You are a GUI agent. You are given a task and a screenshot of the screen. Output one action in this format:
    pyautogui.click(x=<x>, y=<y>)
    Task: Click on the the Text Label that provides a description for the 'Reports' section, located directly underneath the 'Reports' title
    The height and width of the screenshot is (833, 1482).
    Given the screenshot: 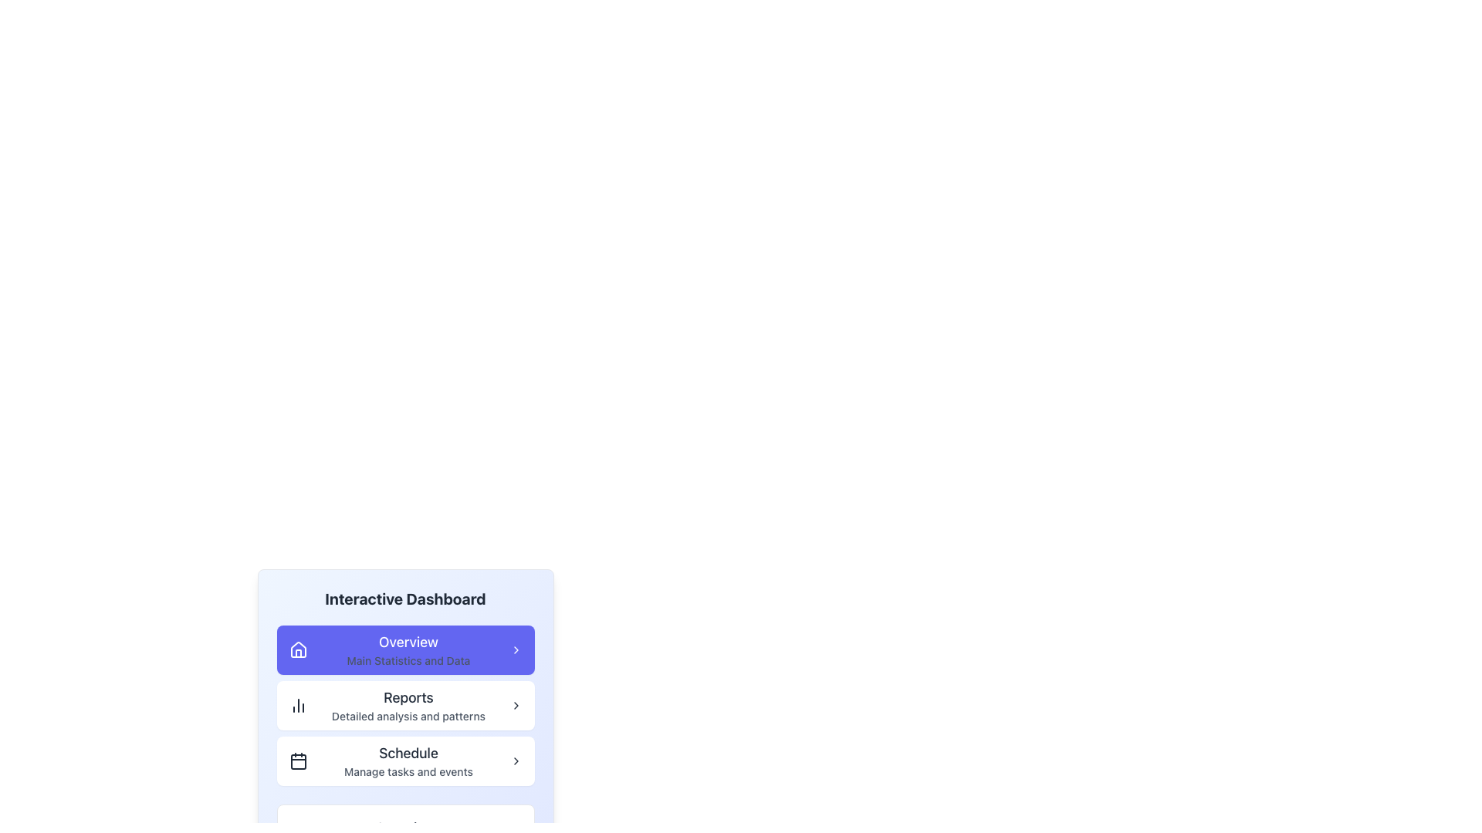 What is the action you would take?
    pyautogui.click(x=408, y=717)
    